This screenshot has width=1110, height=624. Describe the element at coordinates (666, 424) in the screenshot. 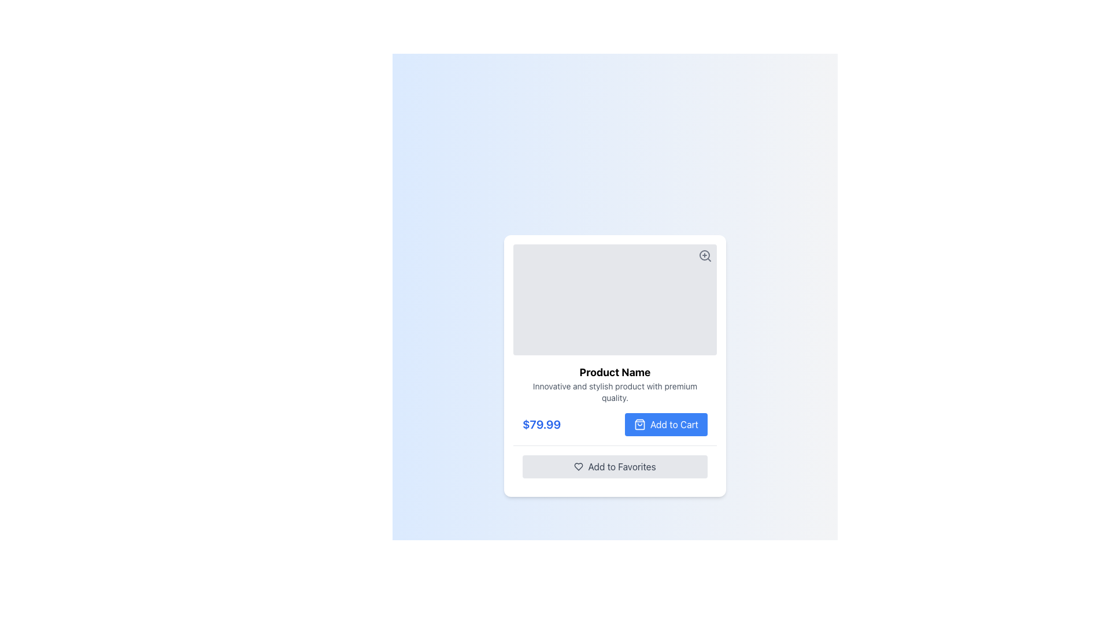

I see `the action button located to the right of the text '$79.99'` at that location.